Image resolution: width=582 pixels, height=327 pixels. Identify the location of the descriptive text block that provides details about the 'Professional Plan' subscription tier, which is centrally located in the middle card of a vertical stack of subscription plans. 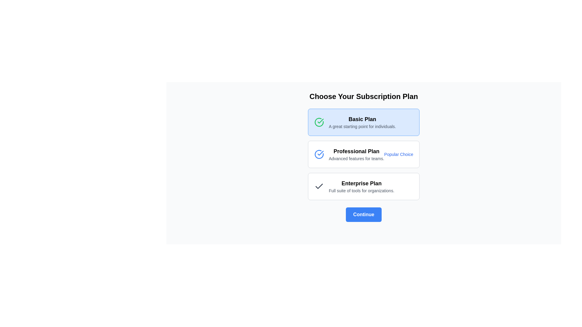
(349, 154).